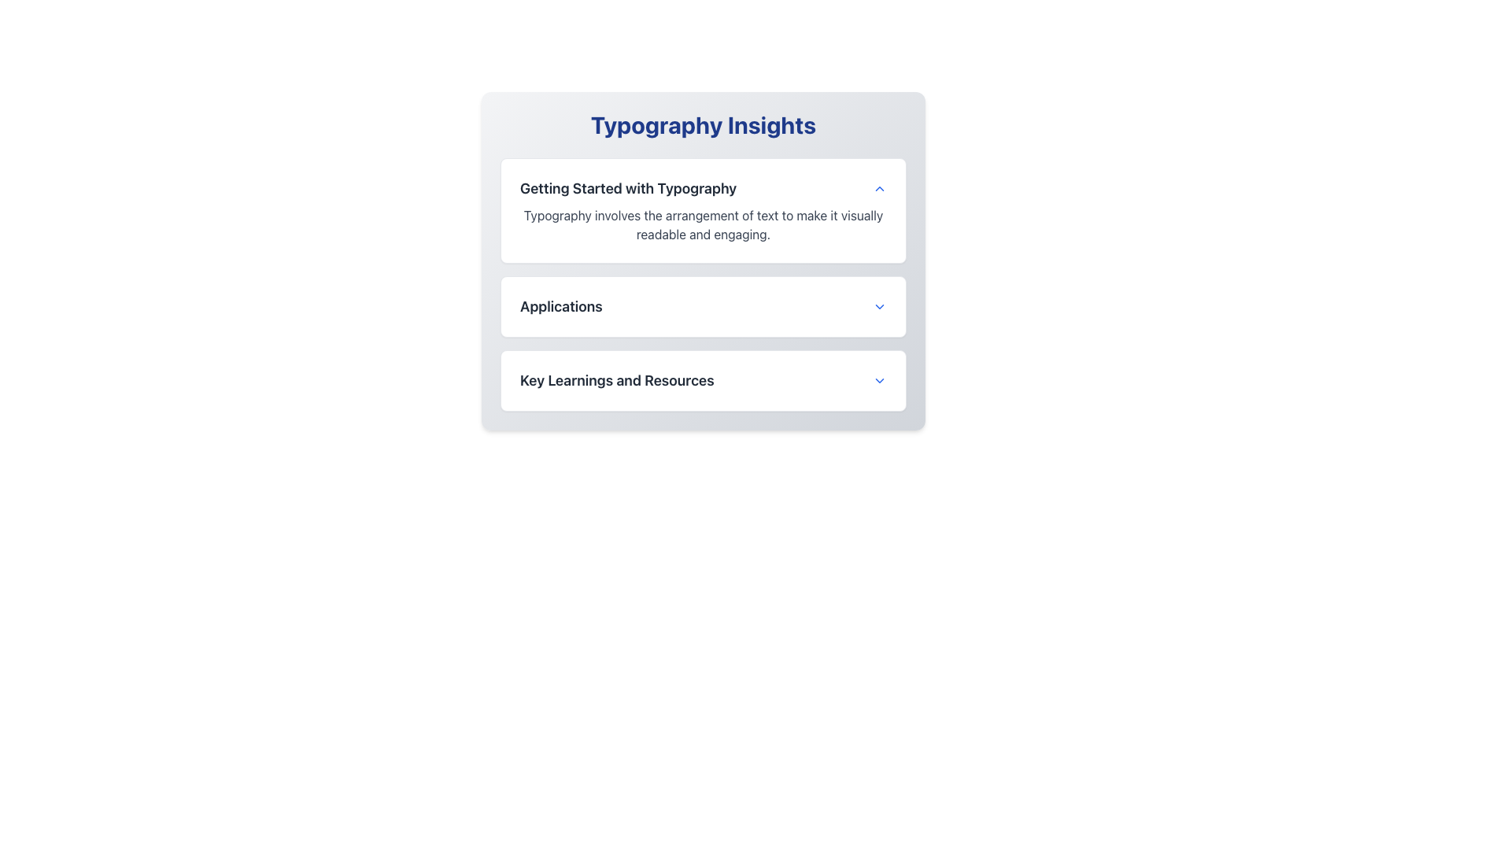 The image size is (1511, 850). I want to click on the collapsible section header for 'Key Learnings and Resources', so click(702, 380).